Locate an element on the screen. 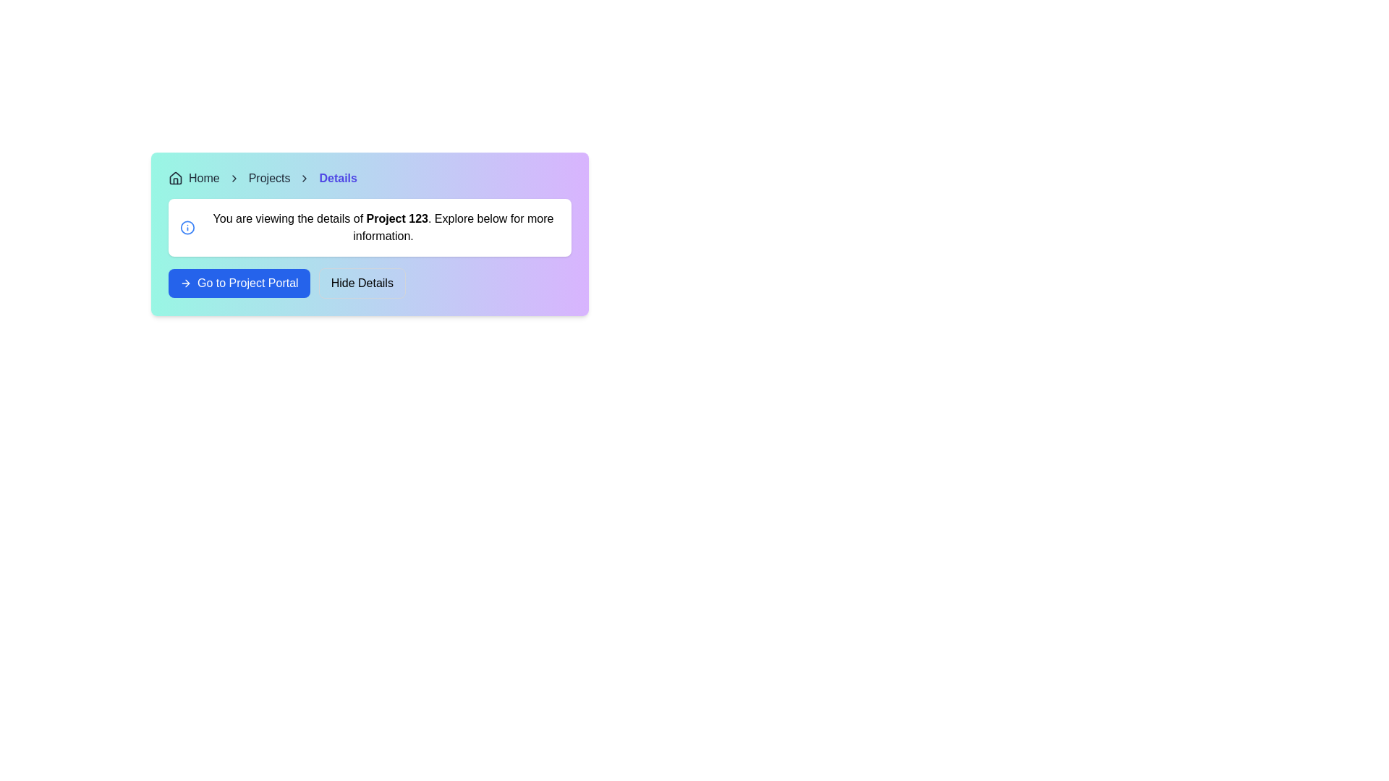  the third and last entry in the breadcrumb navigation, which serves as an indicator of the current page or section within the site is located at coordinates (337, 177).